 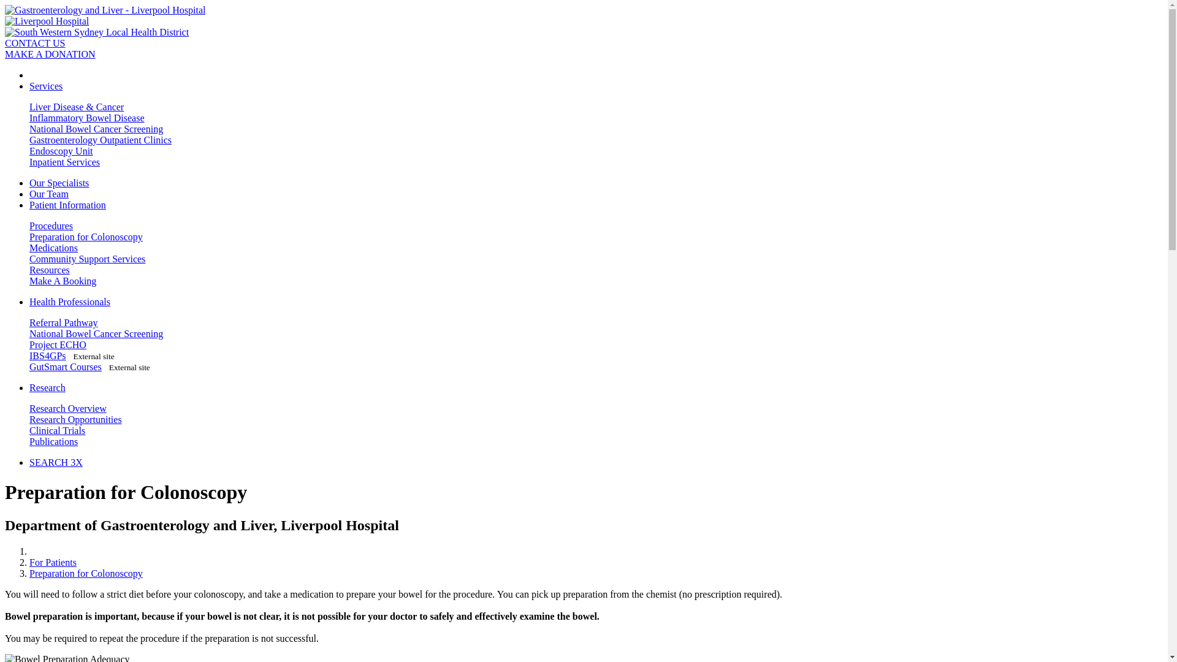 What do you see at coordinates (75, 419) in the screenshot?
I see `'Research Opportunities'` at bounding box center [75, 419].